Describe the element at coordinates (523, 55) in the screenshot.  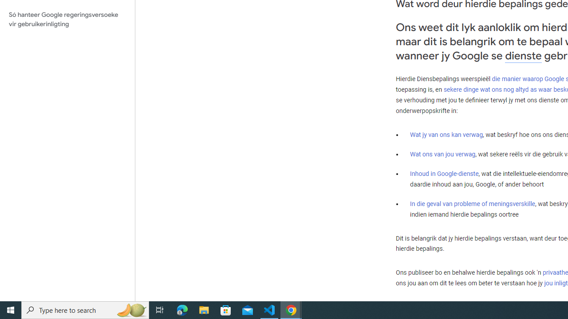
I see `'dienste'` at that location.